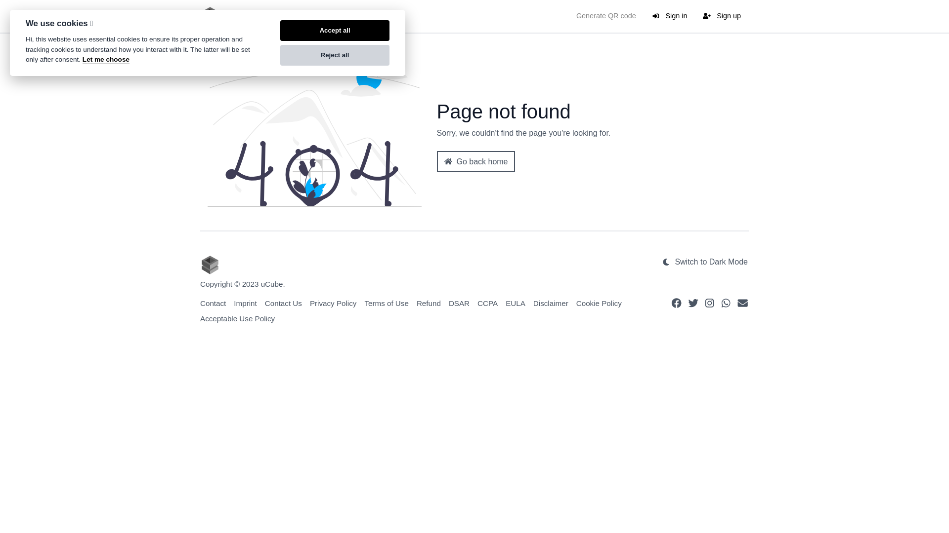 The height and width of the screenshot is (533, 949). What do you see at coordinates (694, 16) in the screenshot?
I see `'Sign up'` at bounding box center [694, 16].